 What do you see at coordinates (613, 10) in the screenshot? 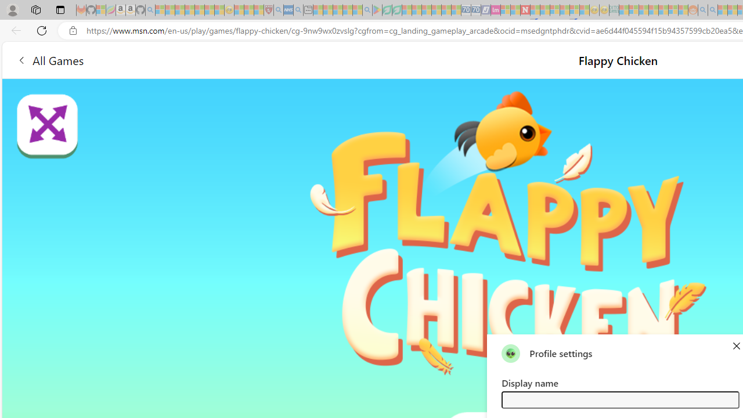
I see `'DITOGAMES AG Imprint - Sleeping'` at bounding box center [613, 10].